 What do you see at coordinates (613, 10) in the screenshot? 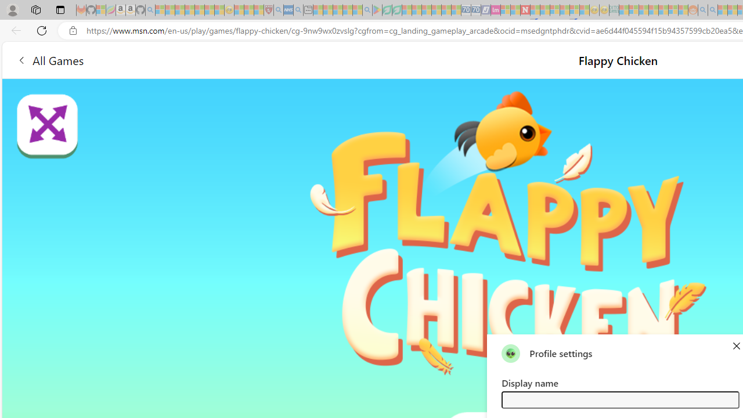
I see `'DITOGAMES AG Imprint - Sleeping'` at bounding box center [613, 10].